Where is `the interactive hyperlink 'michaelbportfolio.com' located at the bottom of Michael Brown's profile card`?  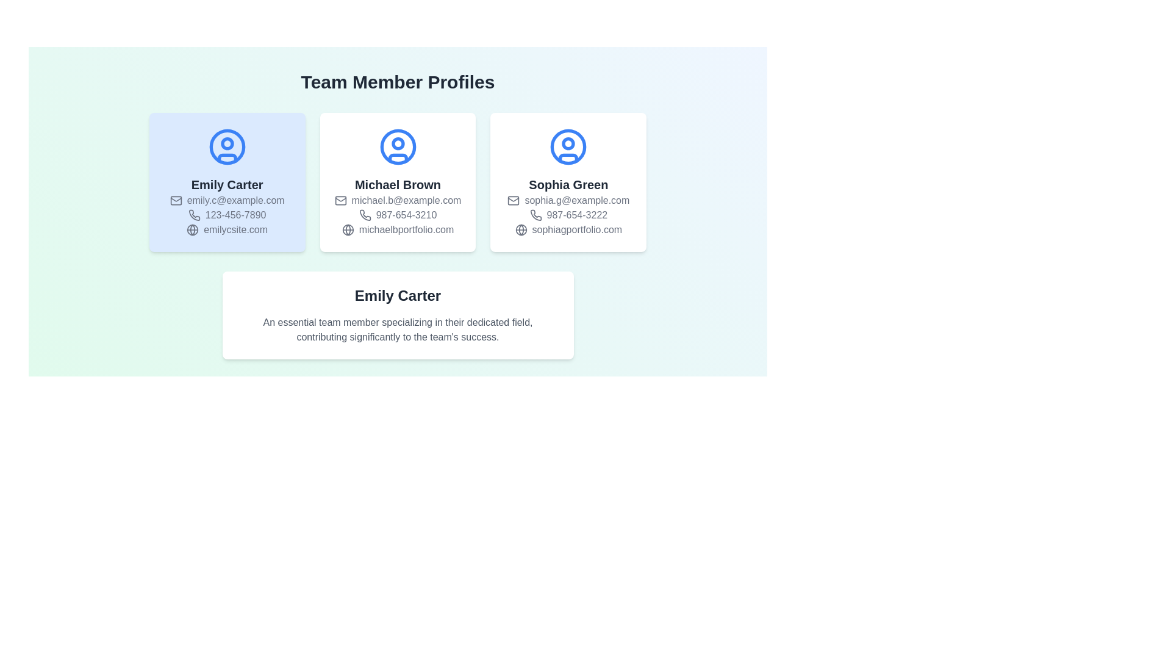 the interactive hyperlink 'michaelbportfolio.com' located at the bottom of Michael Brown's profile card is located at coordinates (398, 230).